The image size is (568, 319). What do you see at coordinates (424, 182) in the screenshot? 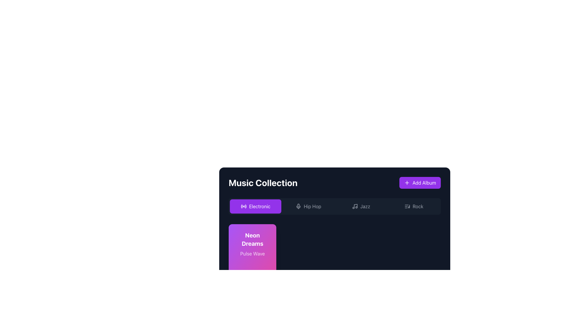
I see `the 'Add Album' button, which is a purple rounded rectangular button located at the top-right corner of the interface` at bounding box center [424, 182].